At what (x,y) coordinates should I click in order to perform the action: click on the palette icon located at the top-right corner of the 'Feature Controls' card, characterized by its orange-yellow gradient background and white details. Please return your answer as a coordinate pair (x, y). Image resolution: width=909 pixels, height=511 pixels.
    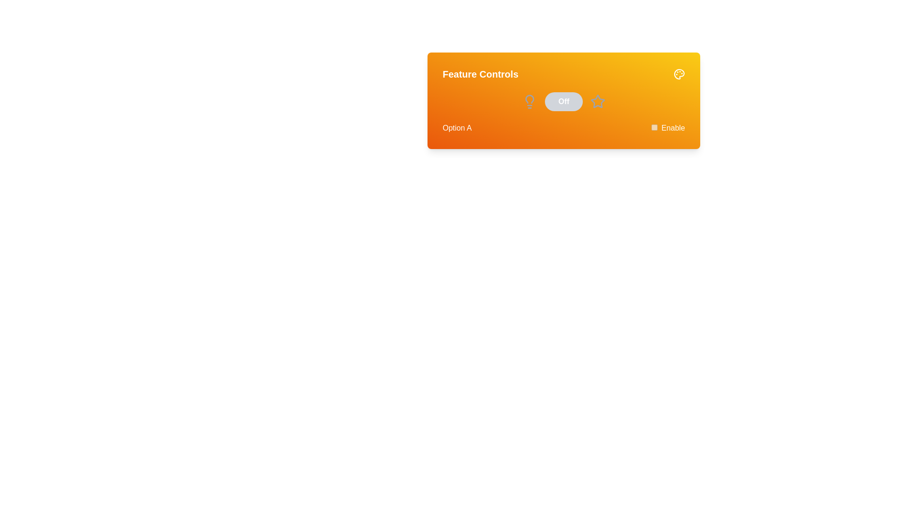
    Looking at the image, I should click on (679, 74).